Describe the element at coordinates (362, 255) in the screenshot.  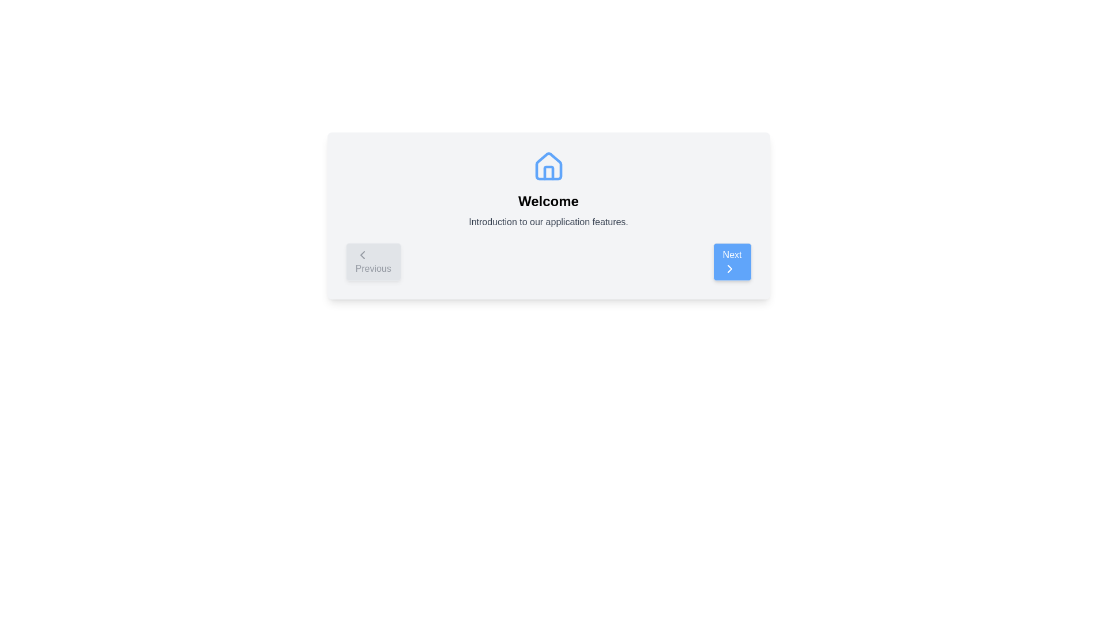
I see `the 'Previous' button which contains a left-facing gray chevron arrow icon for navigation` at that location.